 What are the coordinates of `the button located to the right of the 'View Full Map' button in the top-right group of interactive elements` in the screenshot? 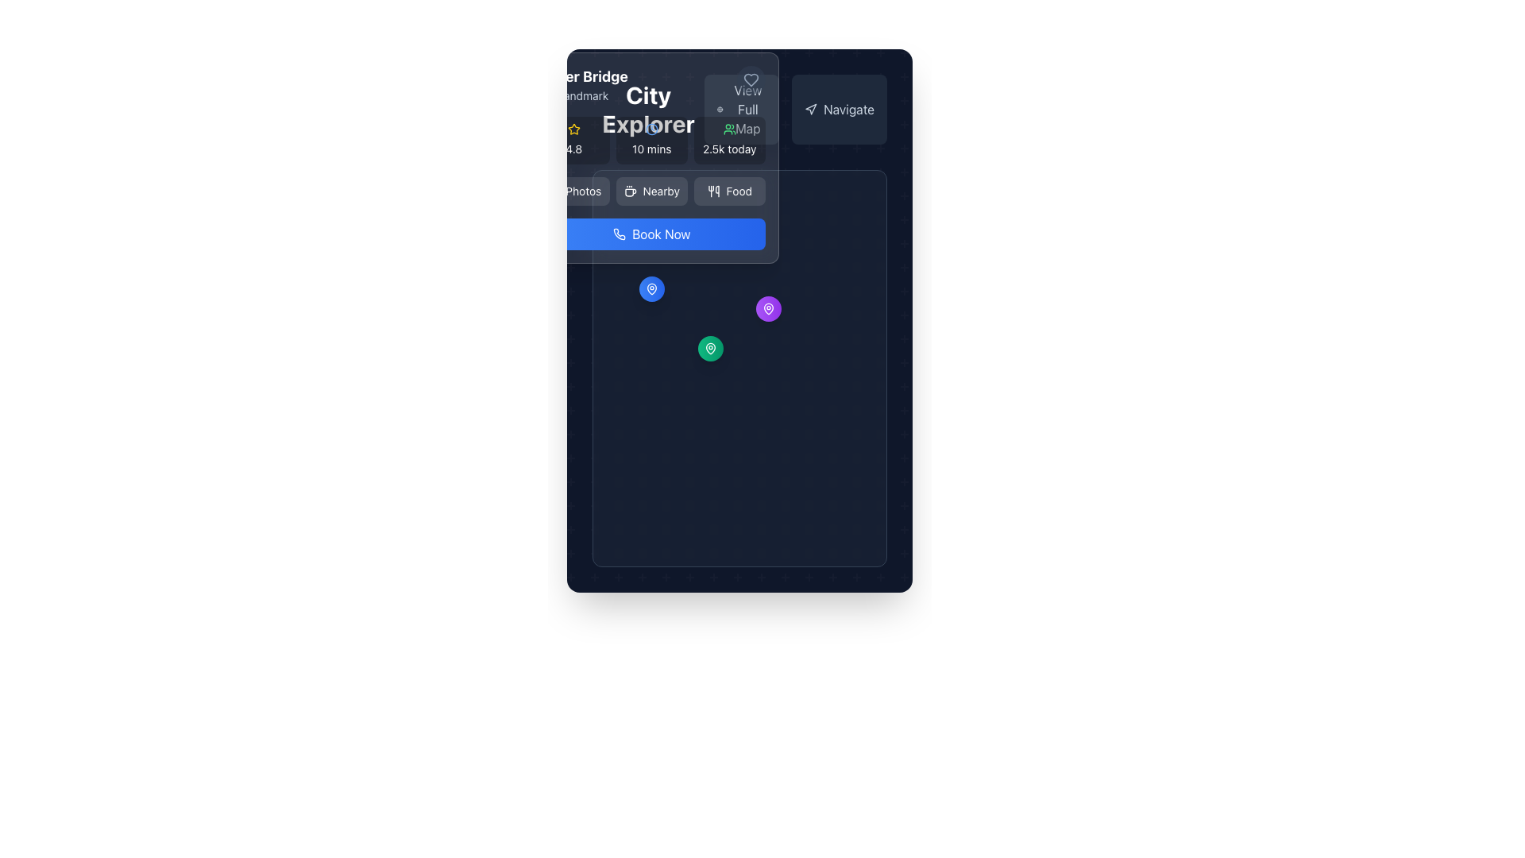 It's located at (796, 109).